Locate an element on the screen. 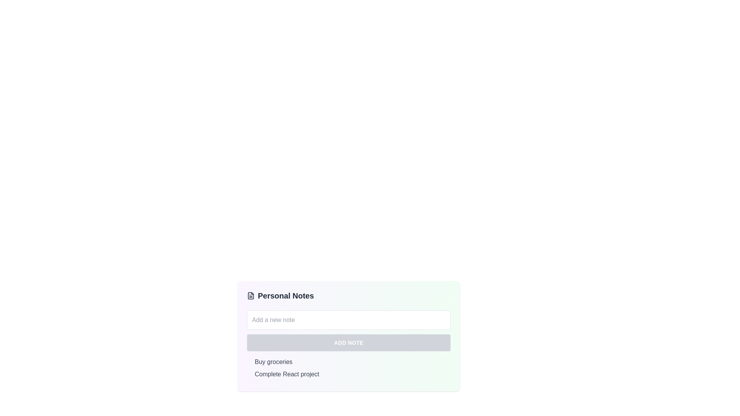 This screenshot has height=416, width=740. the document icon associated with the 'Personal Notes' label, which is visually represented as an icon with text lines before the title is located at coordinates (251, 295).